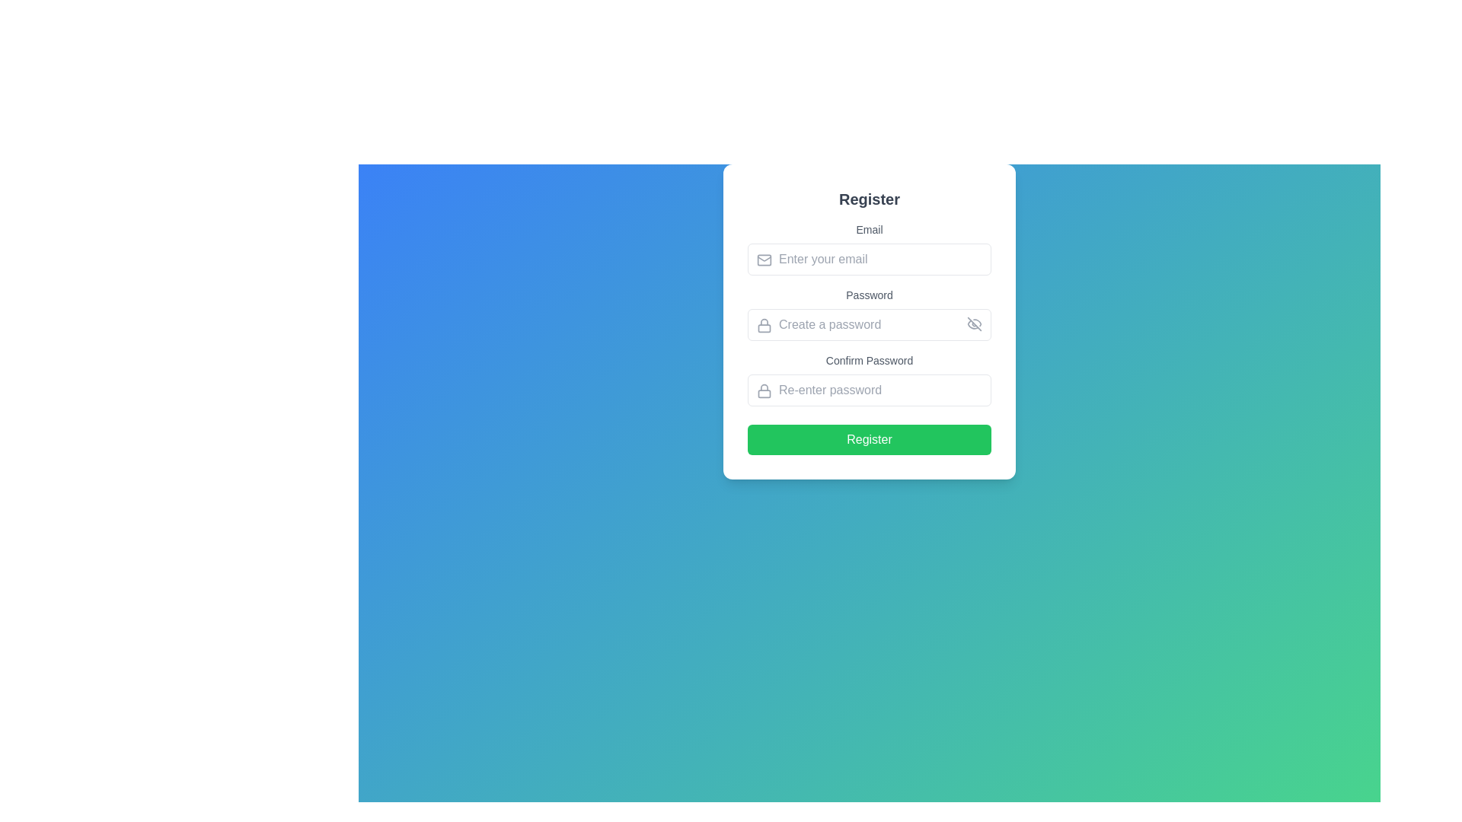 Image resolution: width=1462 pixels, height=822 pixels. Describe the element at coordinates (764, 325) in the screenshot. I see `the minimalist gray lock icon located to the left of the 'Create a password' input field` at that location.